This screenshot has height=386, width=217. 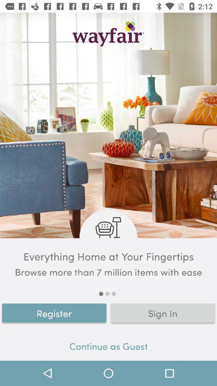 I want to click on continue as guest, so click(x=108, y=347).